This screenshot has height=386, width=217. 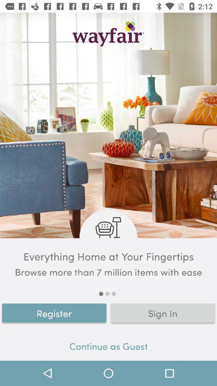 I want to click on continue as guest, so click(x=108, y=347).